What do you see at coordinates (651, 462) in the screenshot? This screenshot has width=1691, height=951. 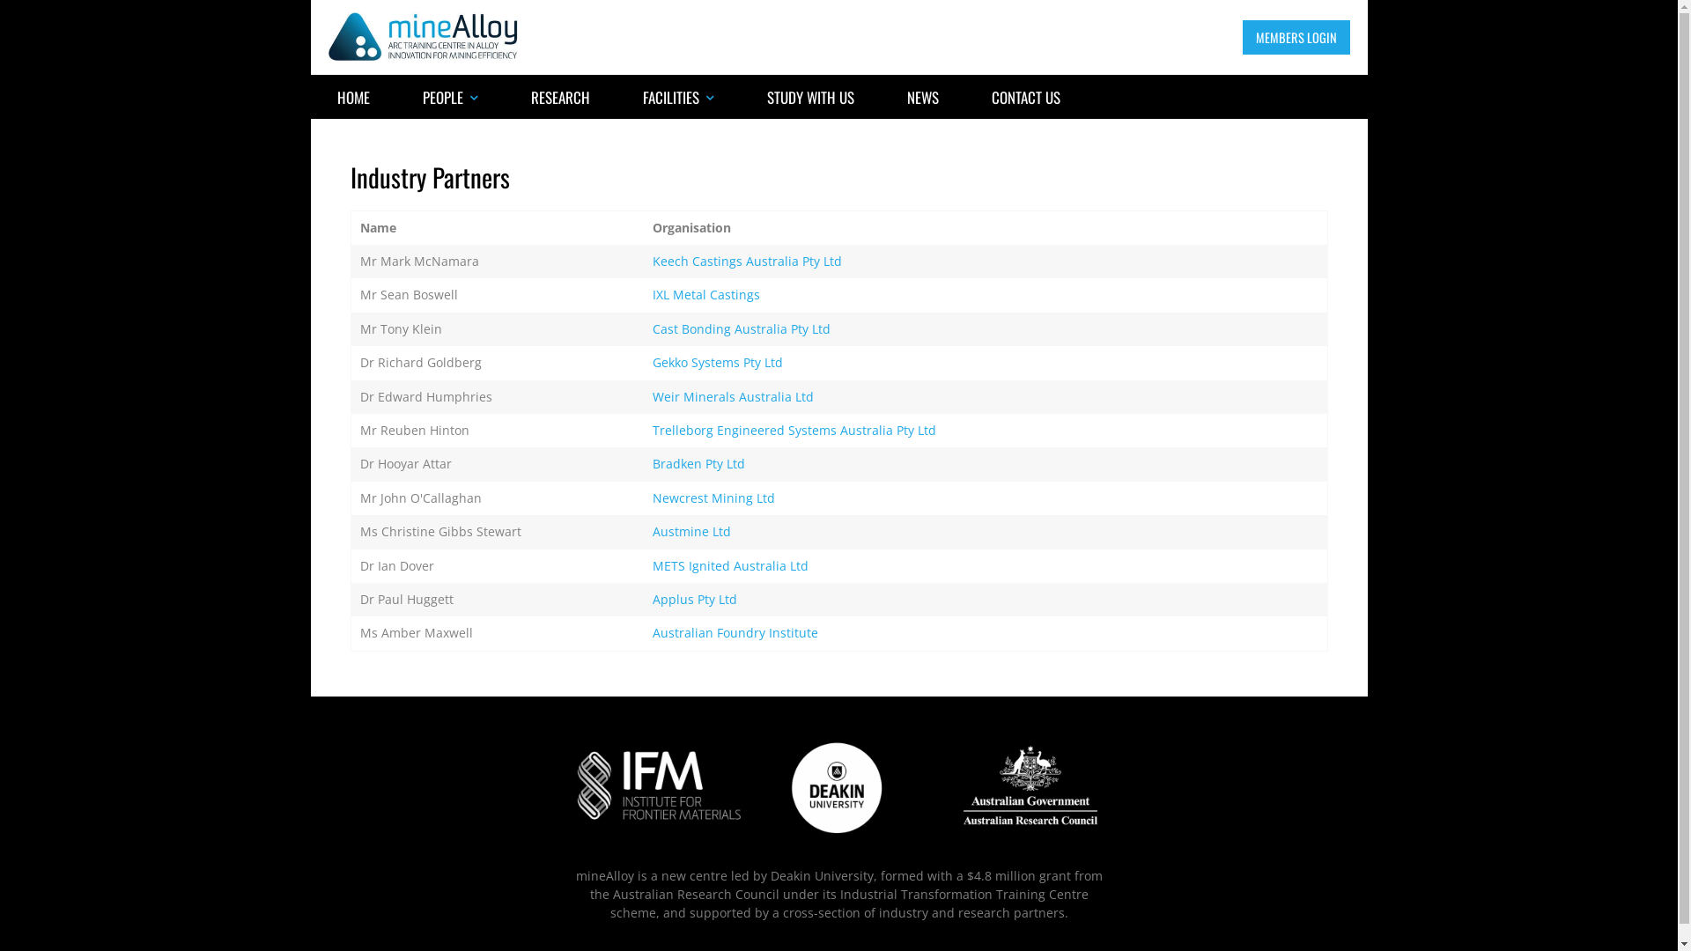 I see `'Bradken Pty Ltd'` at bounding box center [651, 462].